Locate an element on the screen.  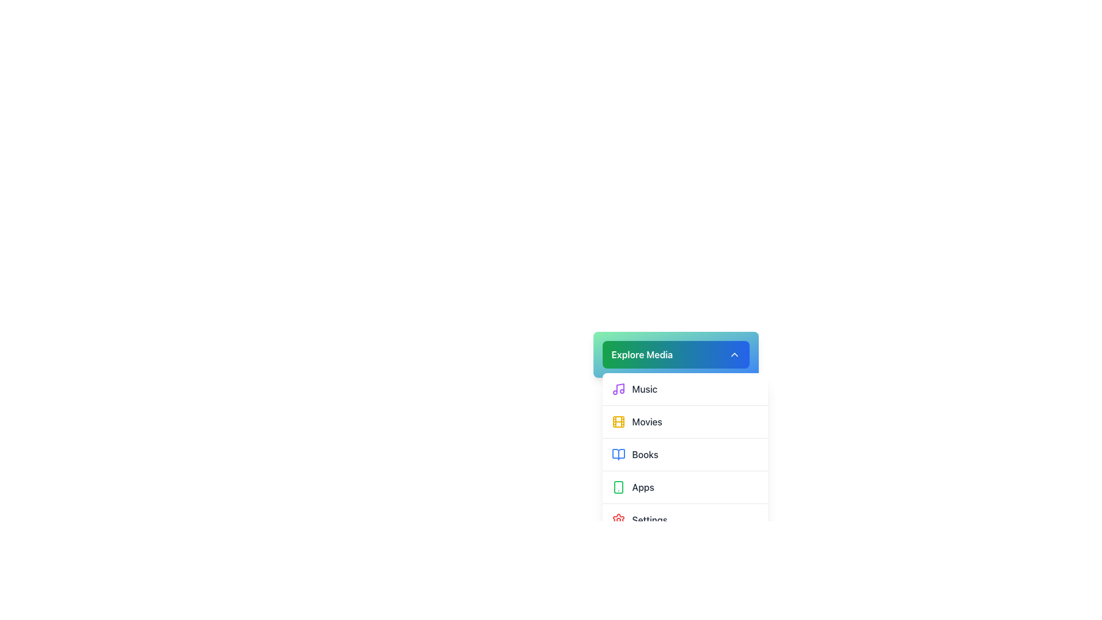
the red gear icon located at the bottom right of the 'Explore Media' dropdown menu is located at coordinates (618, 520).